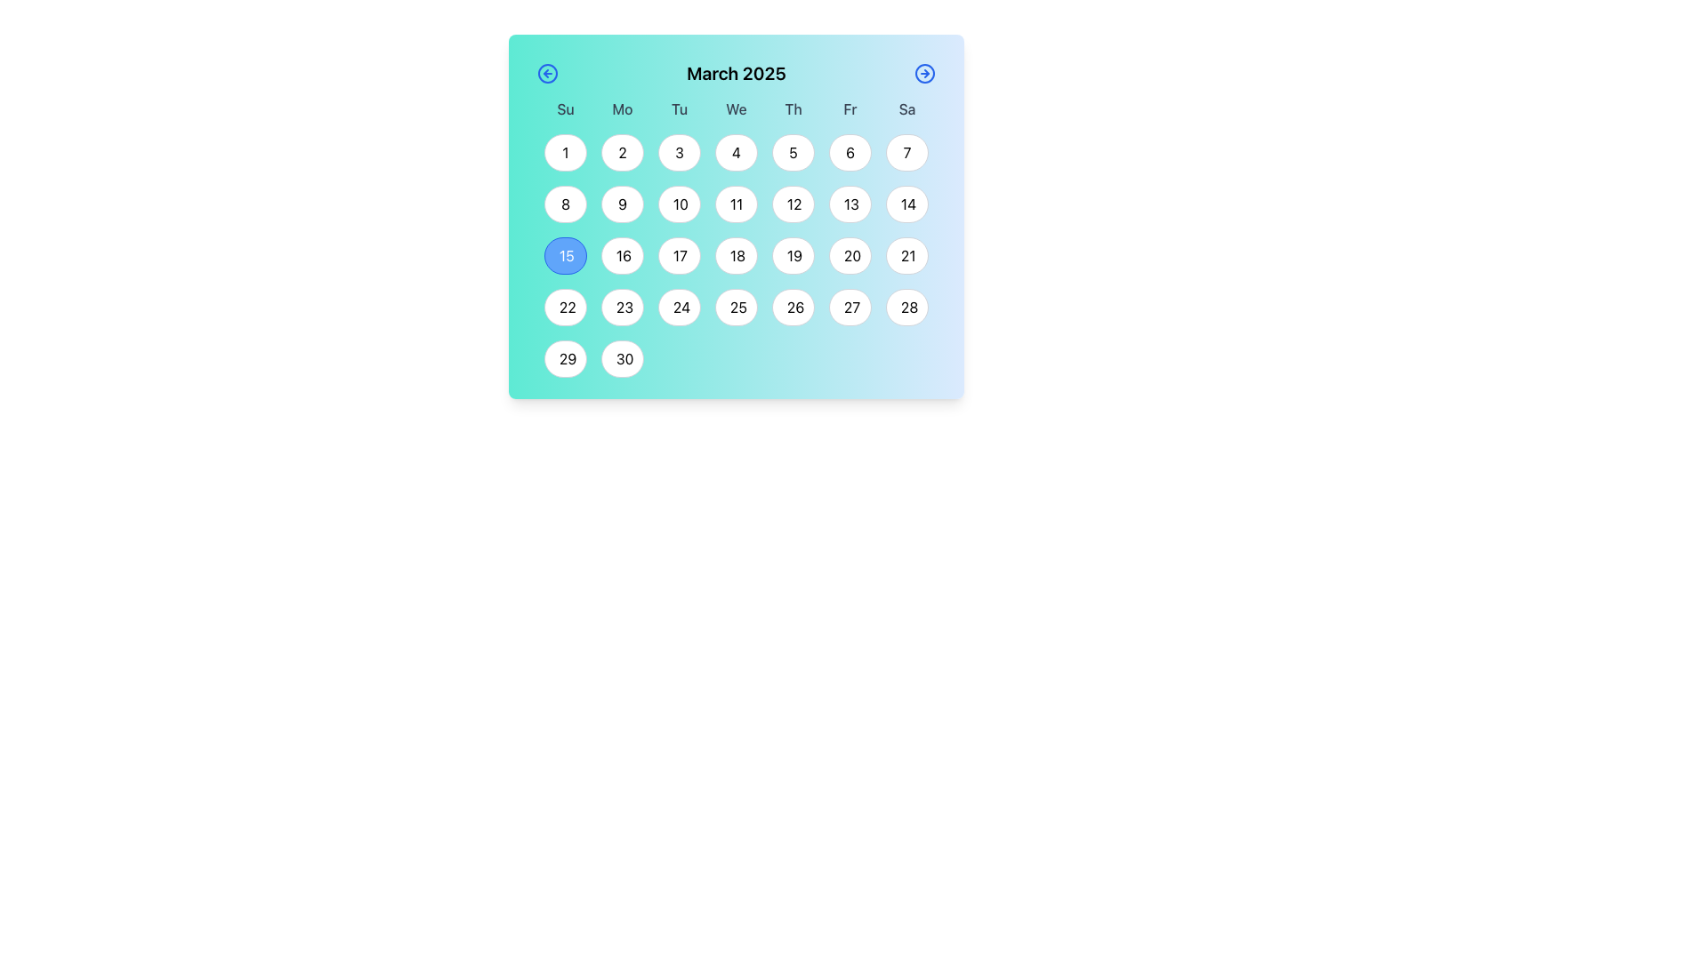  Describe the element at coordinates (564, 204) in the screenshot. I see `the button representing the first day in the second row of the calendar grid under the 'Su' column heading` at that location.